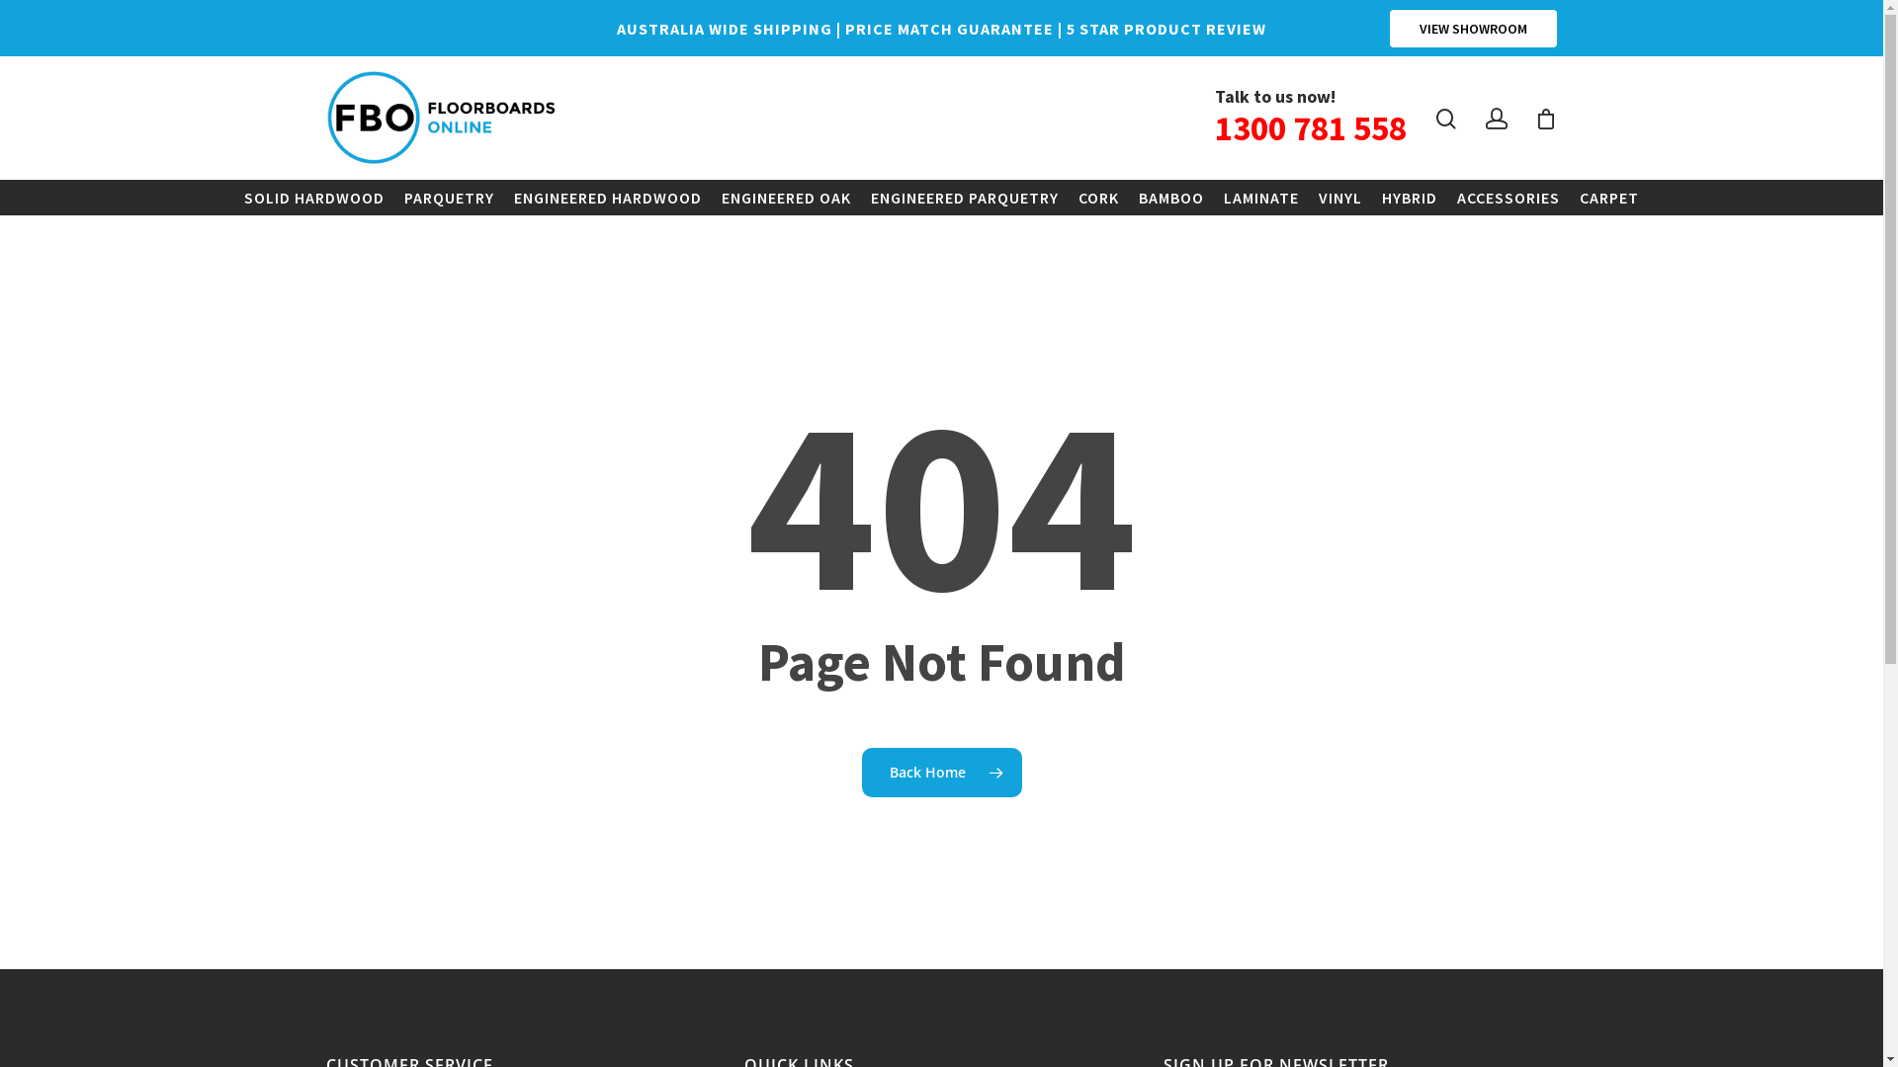 The width and height of the screenshot is (1898, 1067). Describe the element at coordinates (503, 198) in the screenshot. I see `'ENGINEERED HARDWOOD'` at that location.